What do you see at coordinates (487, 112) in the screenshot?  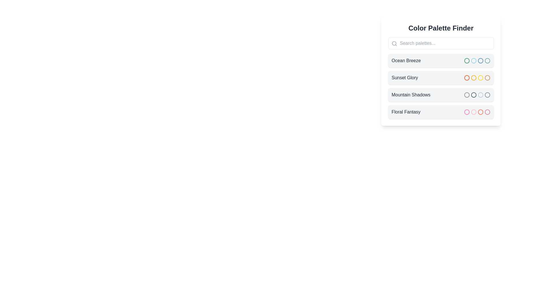 I see `the innermost circular SVG component of the color palette selector in the 'Floral Fantasy' section` at bounding box center [487, 112].